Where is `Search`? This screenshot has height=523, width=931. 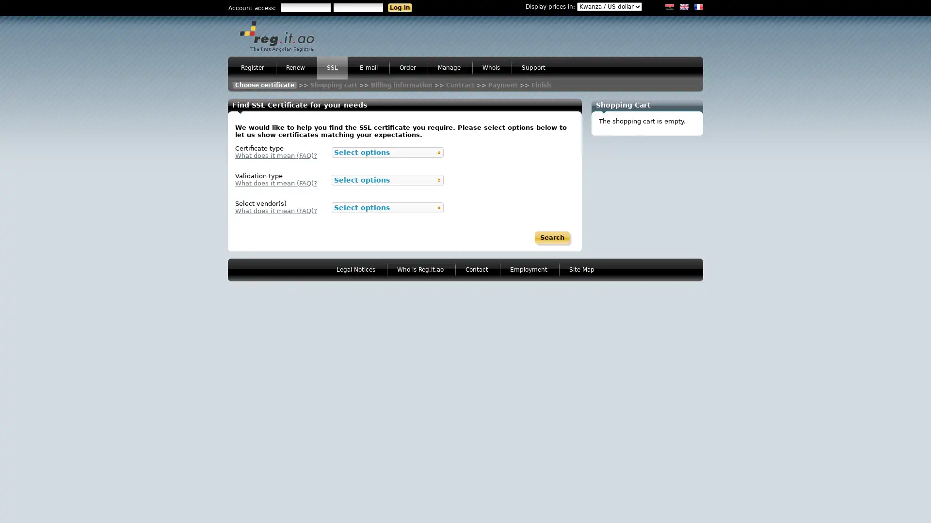
Search is located at coordinates (552, 237).